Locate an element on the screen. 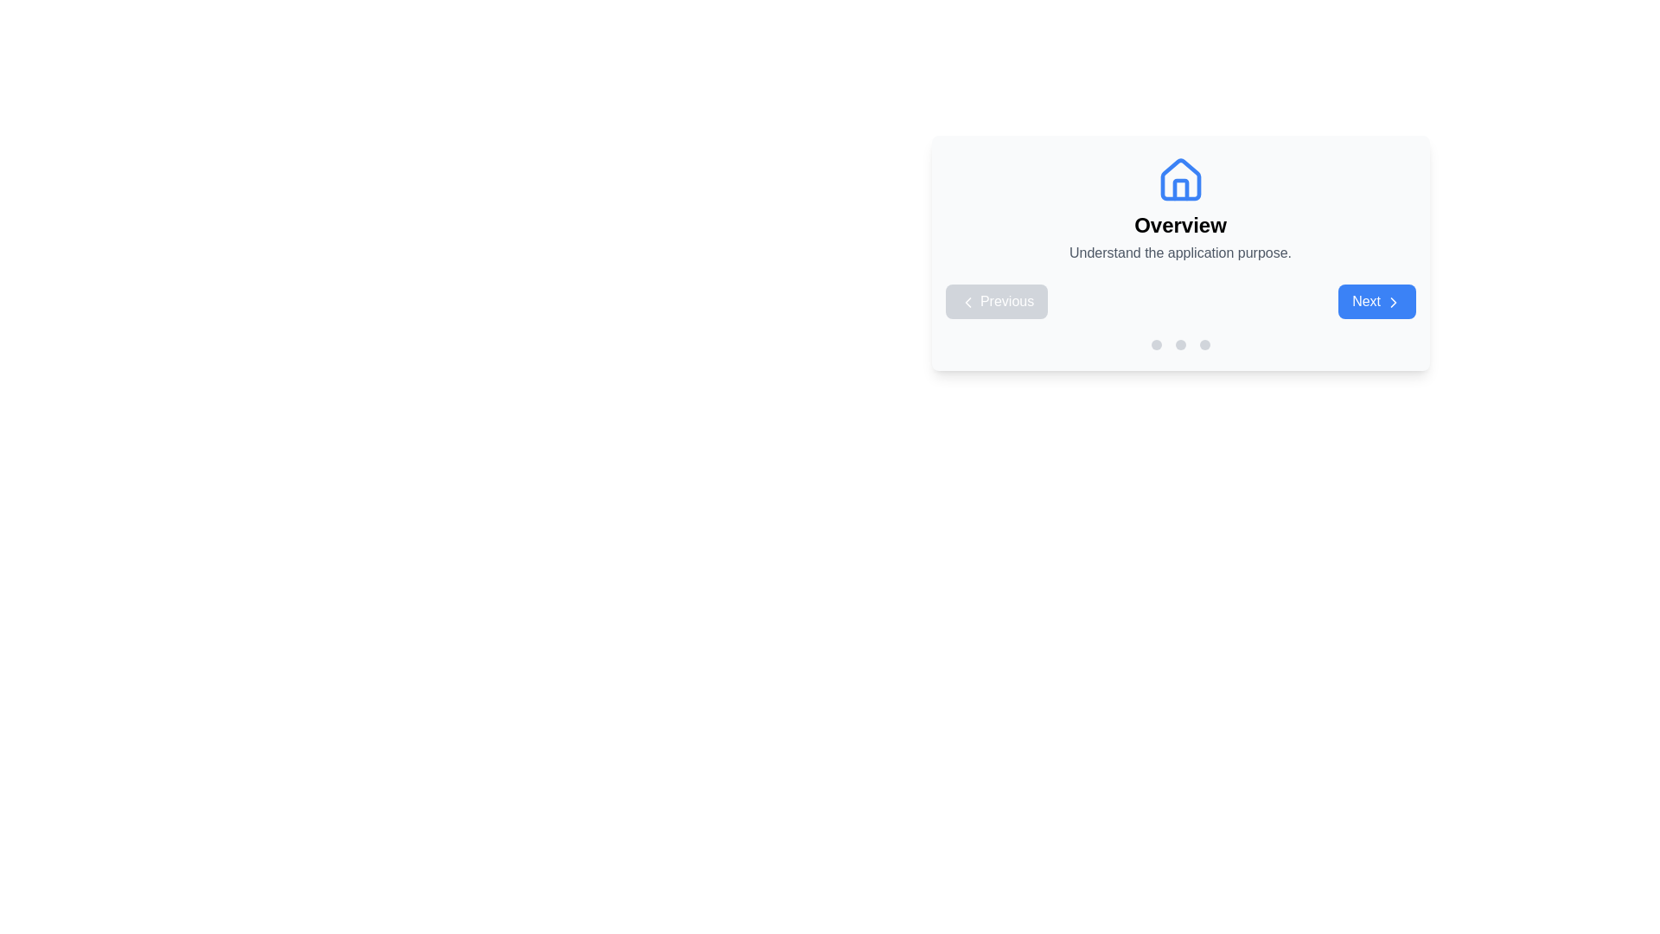 The image size is (1660, 934). the state of the second pagination dot indicating the currently active page in the horizontally aligned pagination element at the bottom center of the card is located at coordinates (1156, 344).